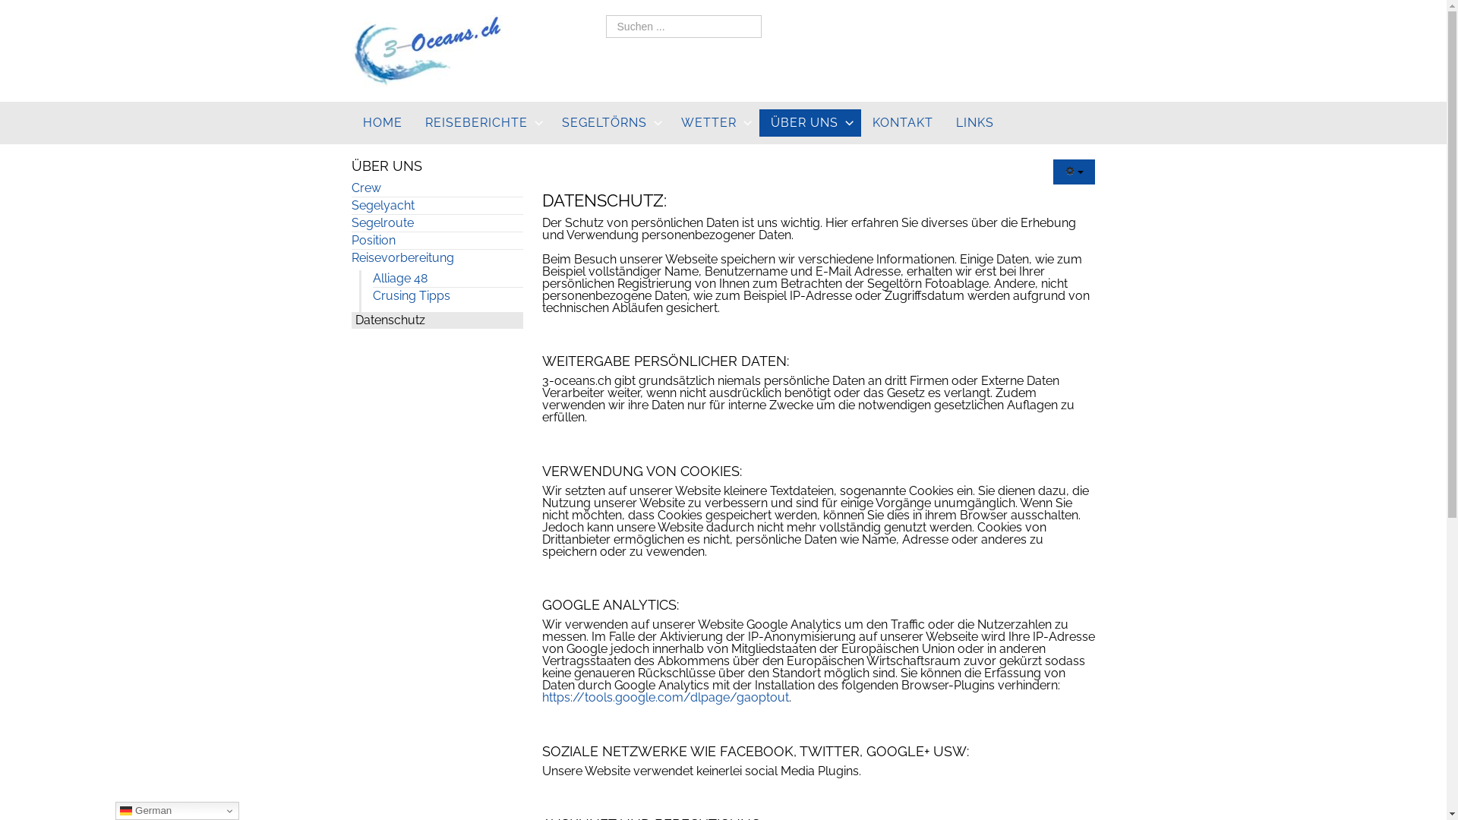 This screenshot has height=820, width=1458. What do you see at coordinates (974, 122) in the screenshot?
I see `'LINKS'` at bounding box center [974, 122].